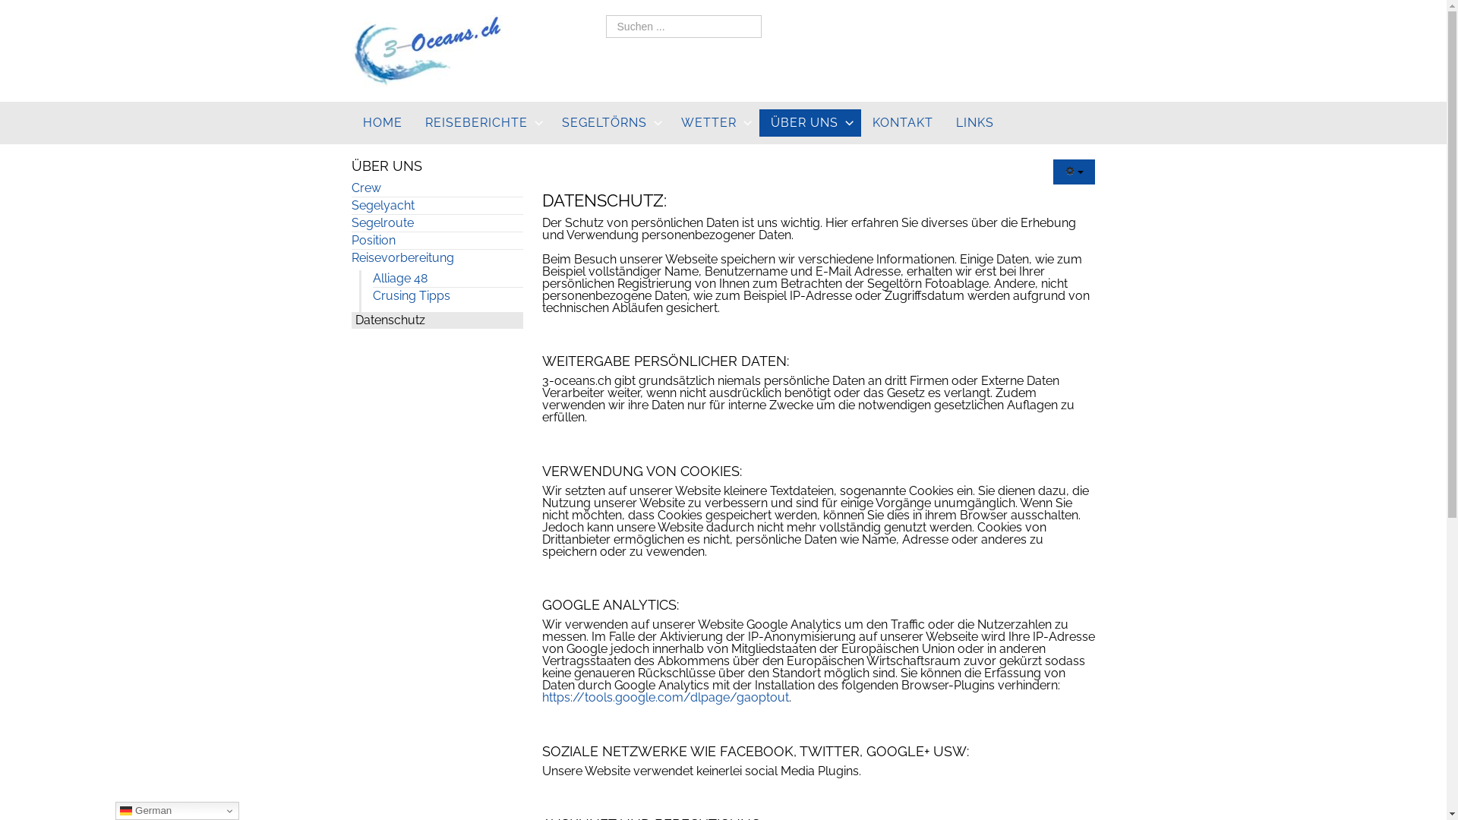 This screenshot has height=820, width=1458. What do you see at coordinates (974, 122) in the screenshot?
I see `'LINKS'` at bounding box center [974, 122].